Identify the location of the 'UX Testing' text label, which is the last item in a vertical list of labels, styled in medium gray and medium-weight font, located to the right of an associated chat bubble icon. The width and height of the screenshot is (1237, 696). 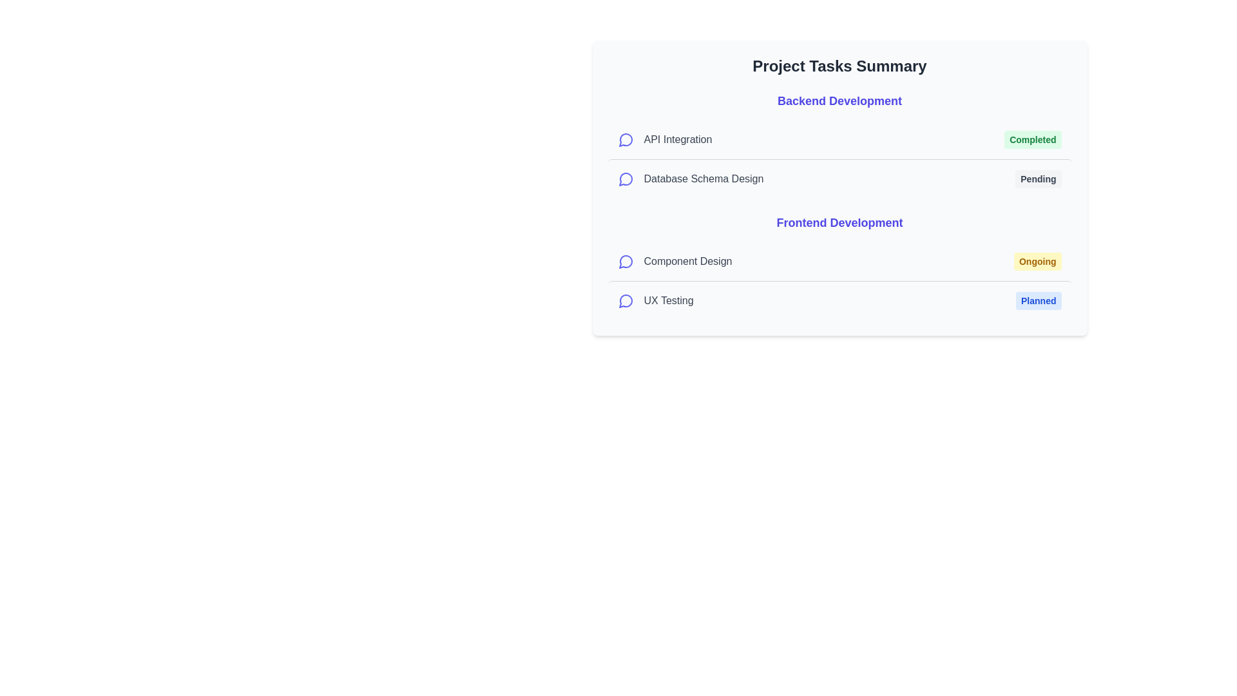
(668, 300).